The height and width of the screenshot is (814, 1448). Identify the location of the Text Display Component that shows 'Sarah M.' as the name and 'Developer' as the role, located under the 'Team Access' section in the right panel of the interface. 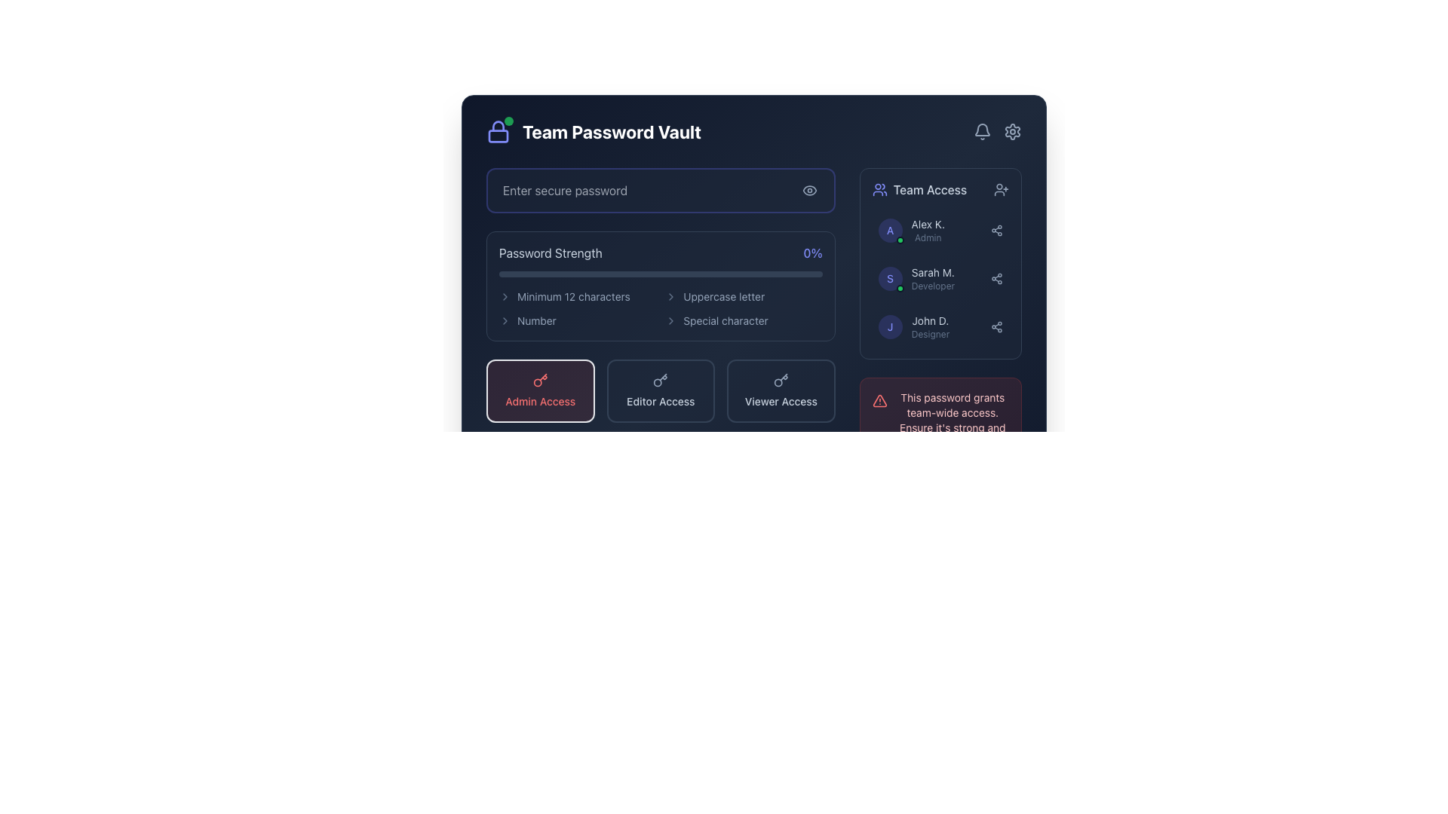
(932, 279).